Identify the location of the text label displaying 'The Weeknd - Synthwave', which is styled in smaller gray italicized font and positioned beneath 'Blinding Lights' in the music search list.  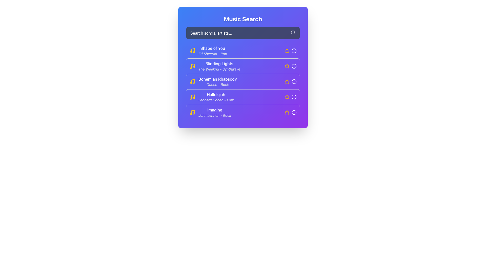
(219, 69).